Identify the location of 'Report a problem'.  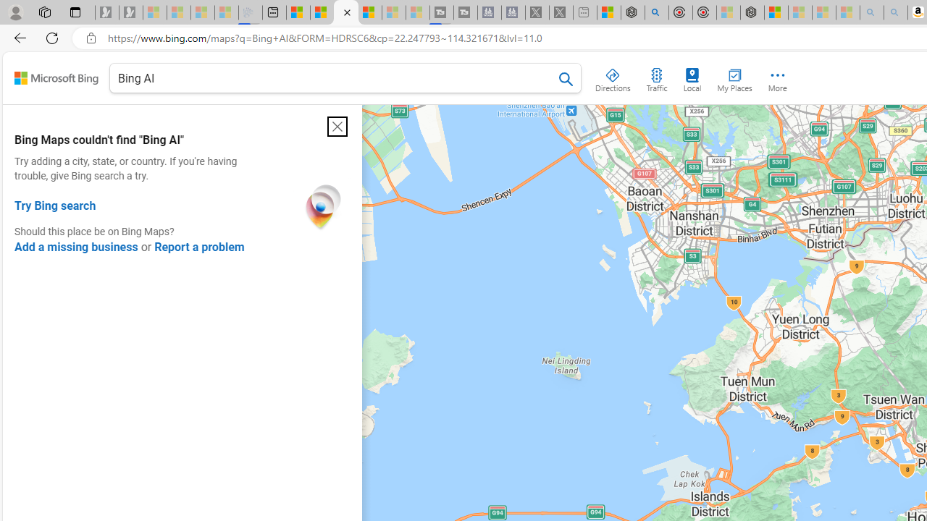
(198, 246).